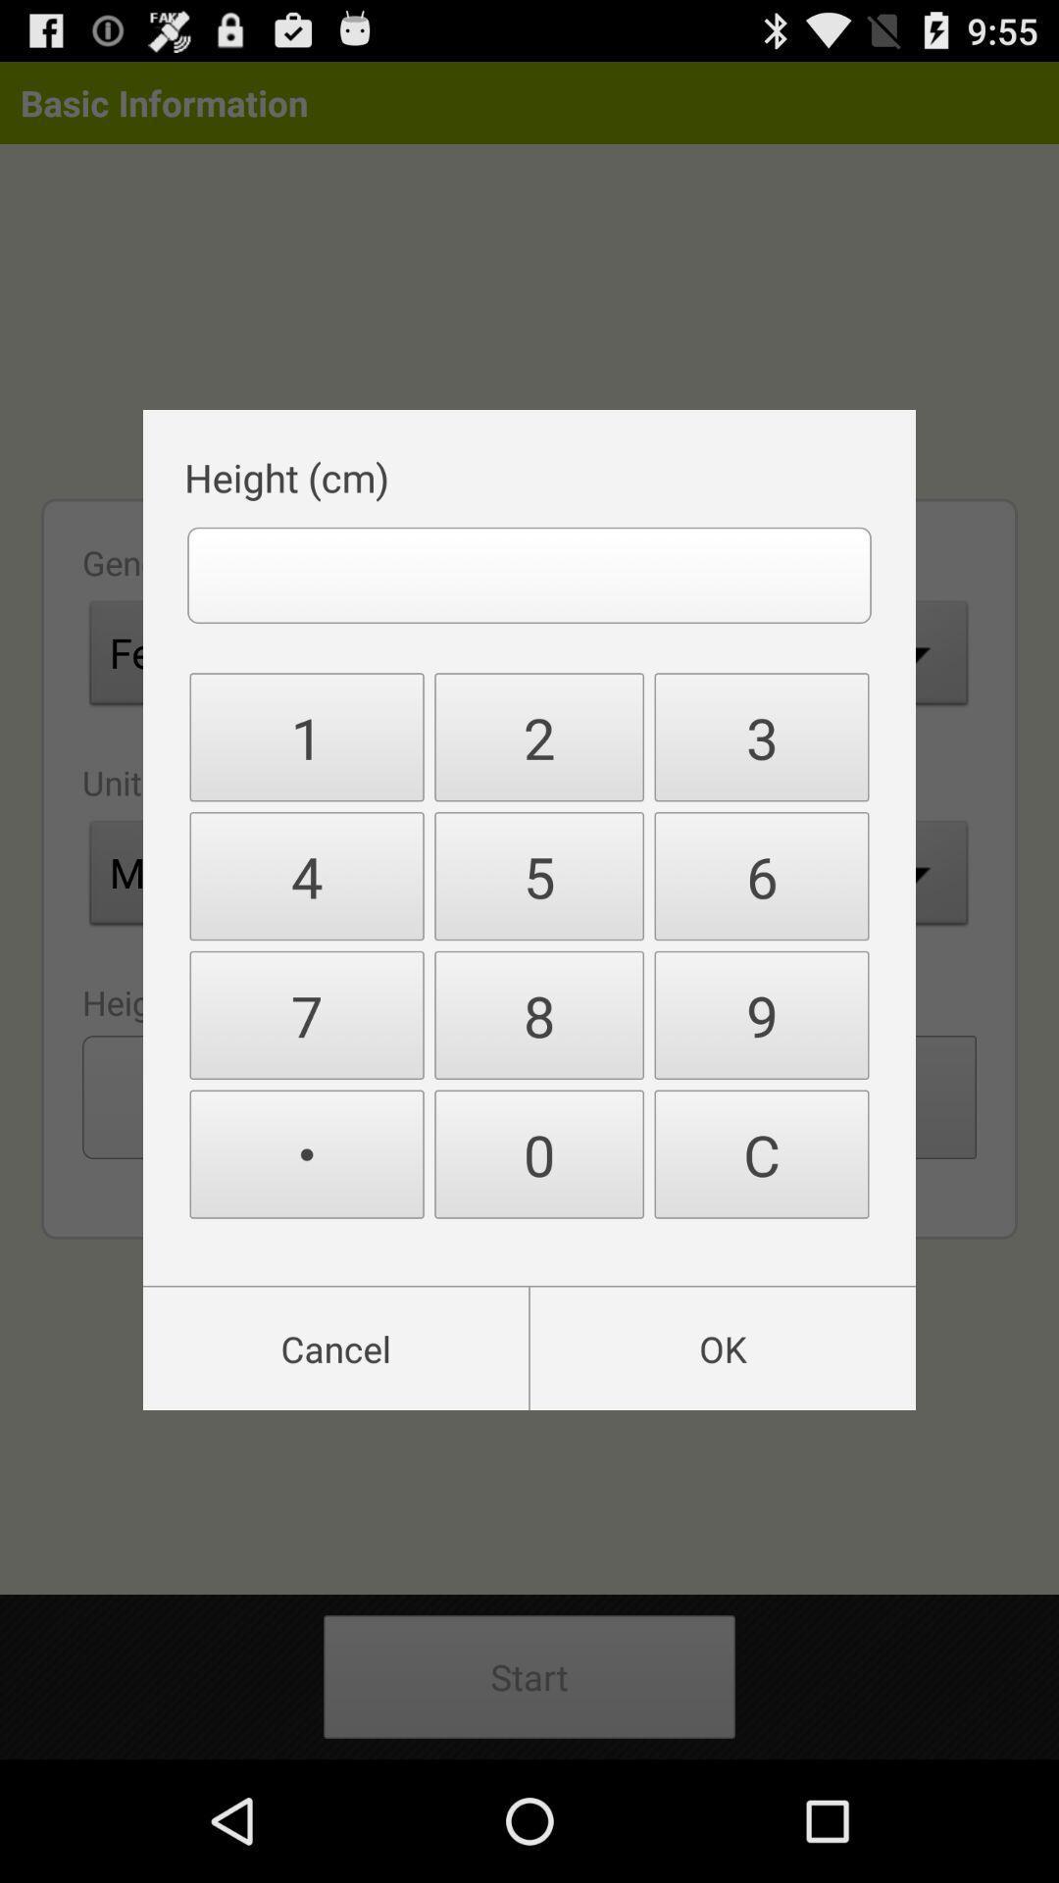 The width and height of the screenshot is (1059, 1883). Describe the element at coordinates (539, 1154) in the screenshot. I see `button to the left of the 9 button` at that location.